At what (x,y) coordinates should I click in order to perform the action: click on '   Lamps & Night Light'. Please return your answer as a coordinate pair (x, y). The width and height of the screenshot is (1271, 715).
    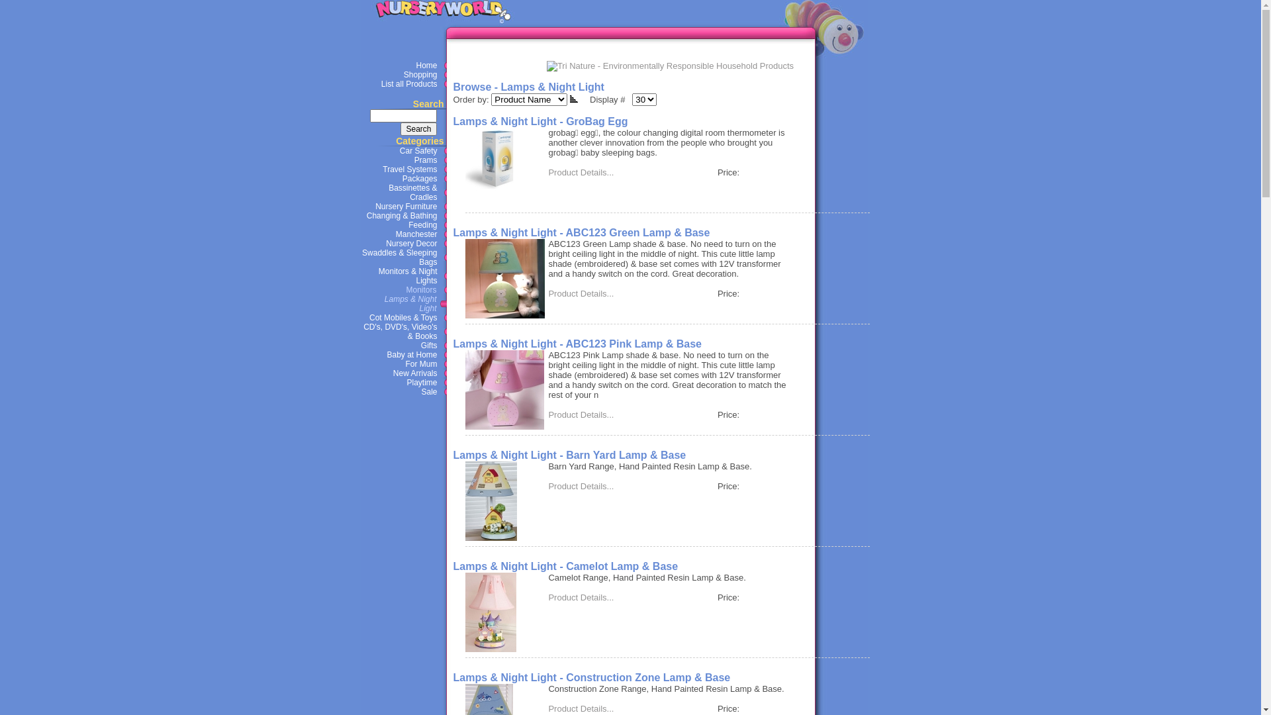
    Looking at the image, I should click on (402, 304).